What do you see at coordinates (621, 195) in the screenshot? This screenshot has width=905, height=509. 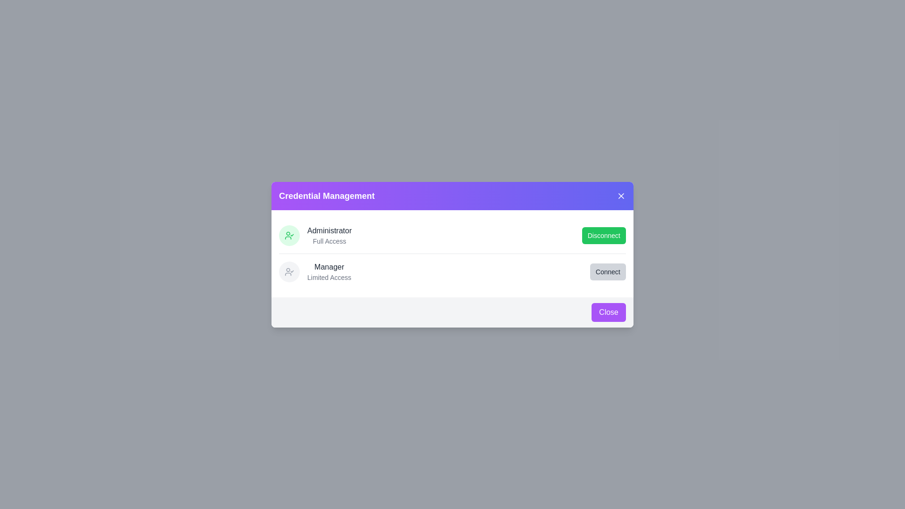 I see `the close button in the top-right corner of the 'Credential Management' interface` at bounding box center [621, 195].